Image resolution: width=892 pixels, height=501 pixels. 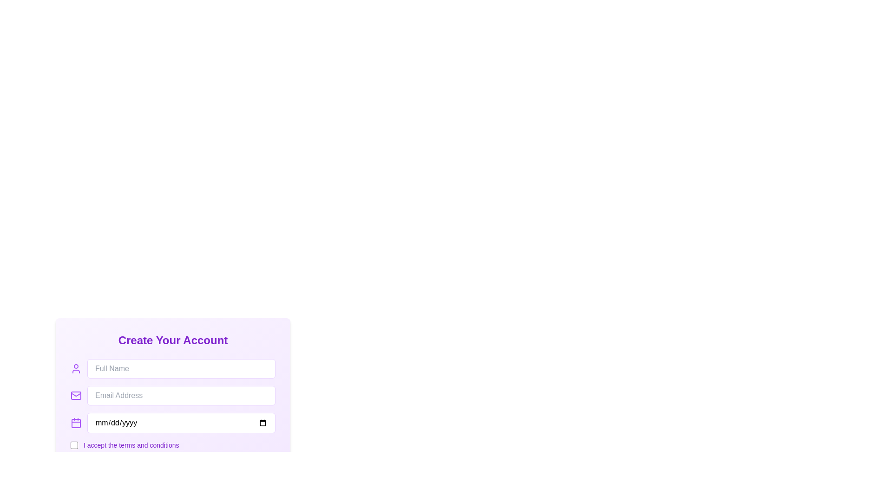 What do you see at coordinates (76, 424) in the screenshot?
I see `the main rectangular body of the calendar icon used for date selection` at bounding box center [76, 424].